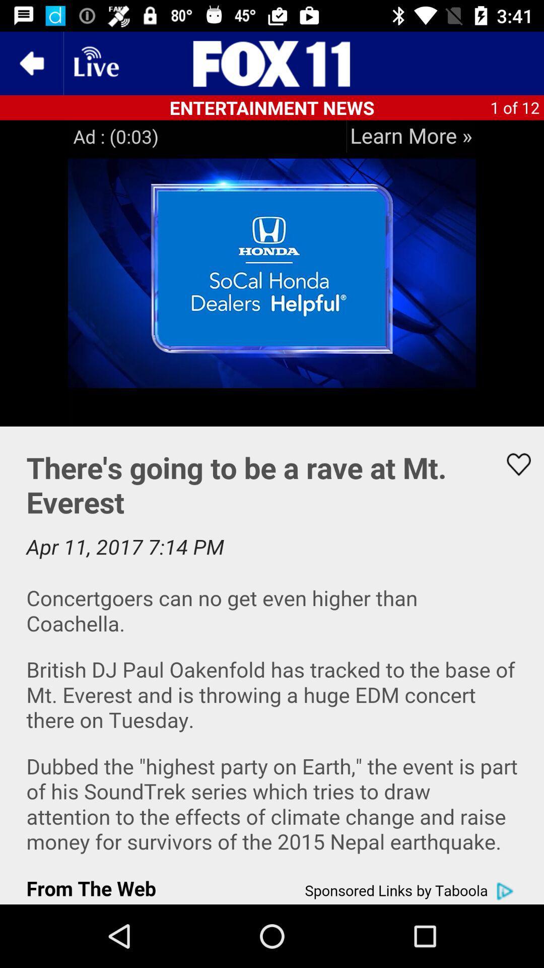 The width and height of the screenshot is (544, 968). What do you see at coordinates (411, 136) in the screenshot?
I see `it is clickable` at bounding box center [411, 136].